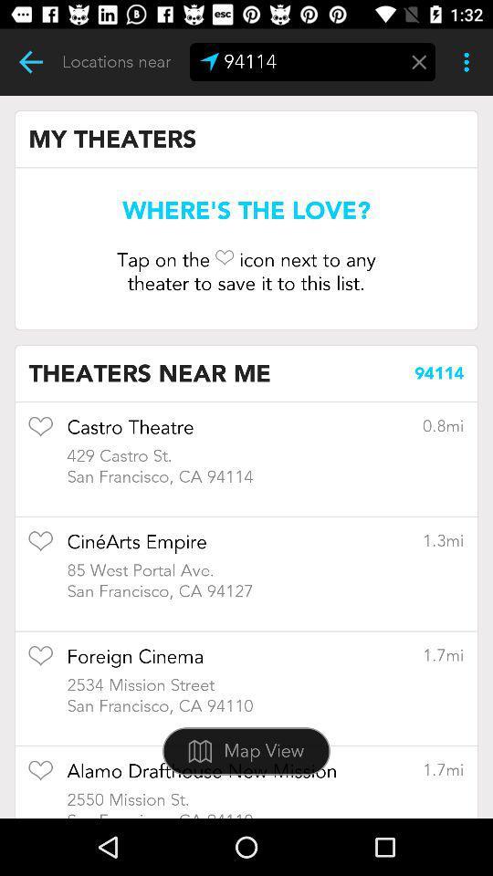  What do you see at coordinates (40, 776) in the screenshot?
I see `selection` at bounding box center [40, 776].